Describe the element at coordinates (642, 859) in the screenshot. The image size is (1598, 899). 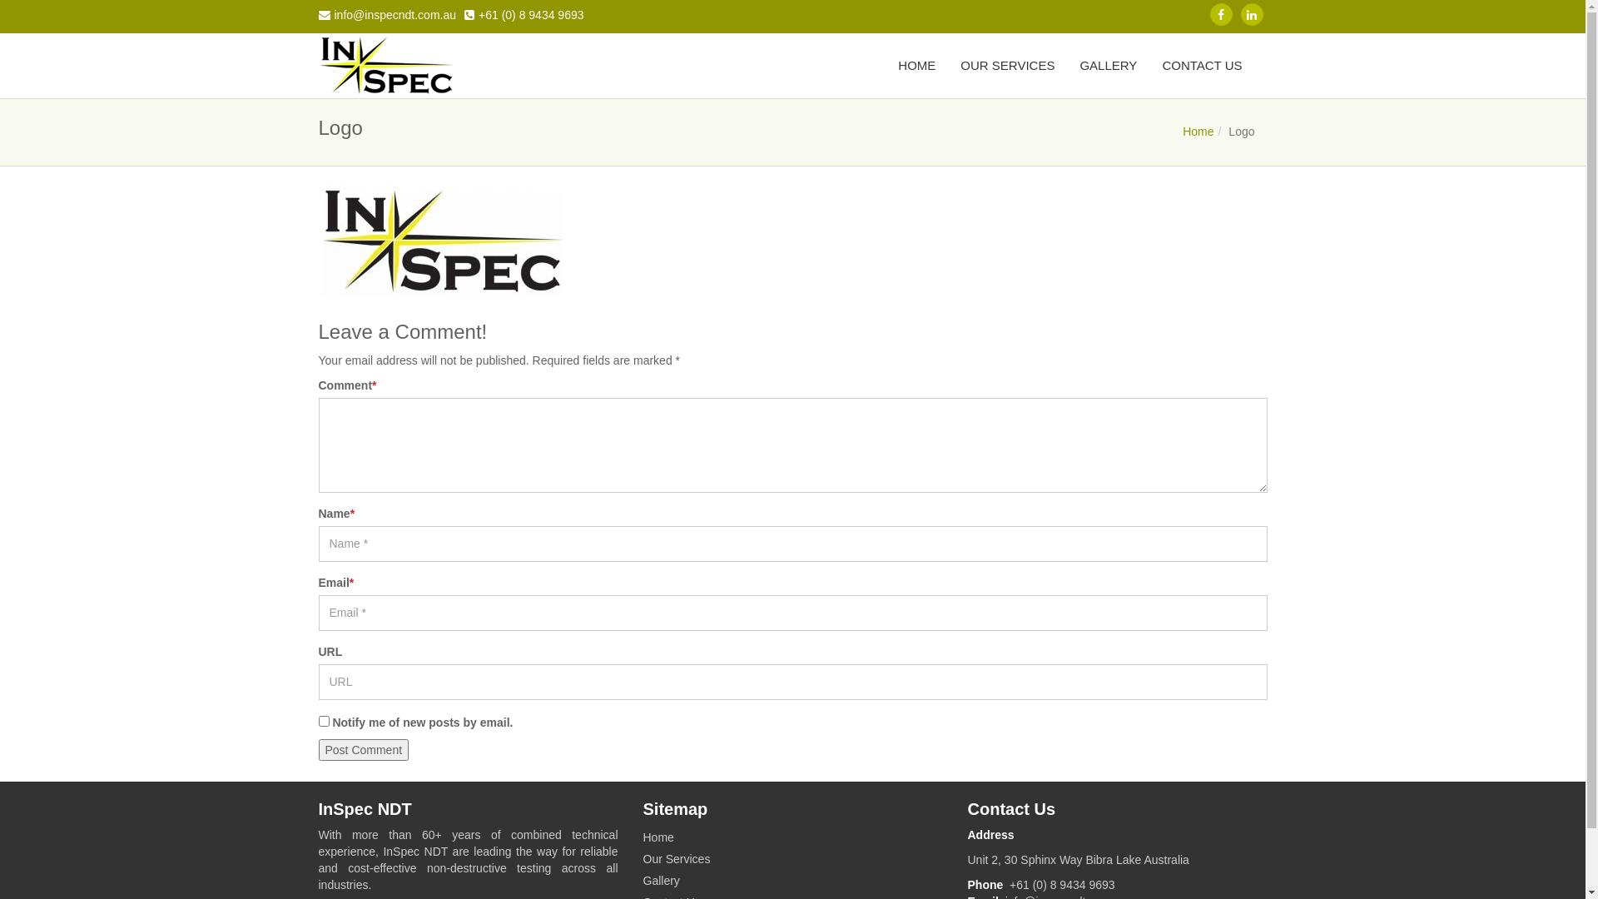
I see `'Our Services'` at that location.